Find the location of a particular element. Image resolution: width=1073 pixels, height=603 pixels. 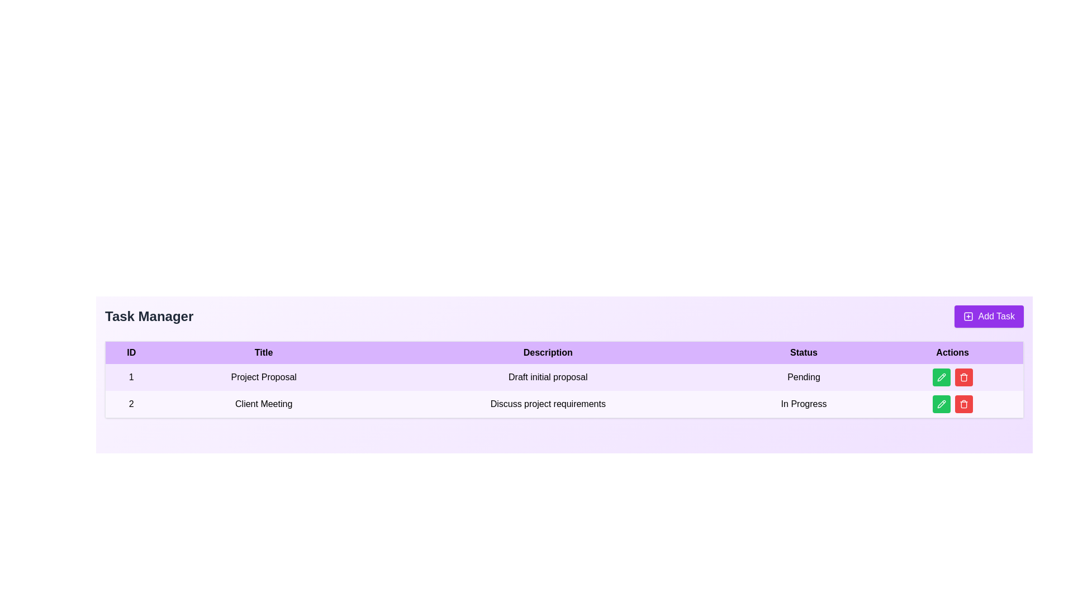

the header cell labeled 'Title' which is located in the second column of the table header, styled with bold text on a light purple background is located at coordinates (263, 352).